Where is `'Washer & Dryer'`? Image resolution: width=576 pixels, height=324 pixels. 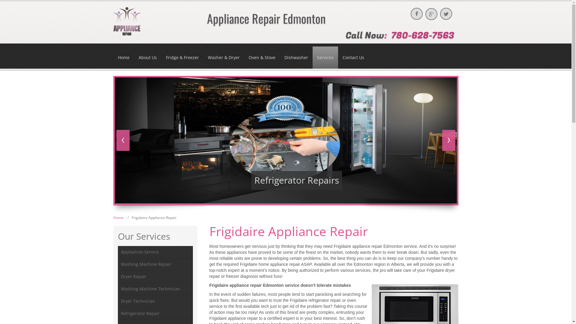 'Washer & Dryer' is located at coordinates (203, 58).